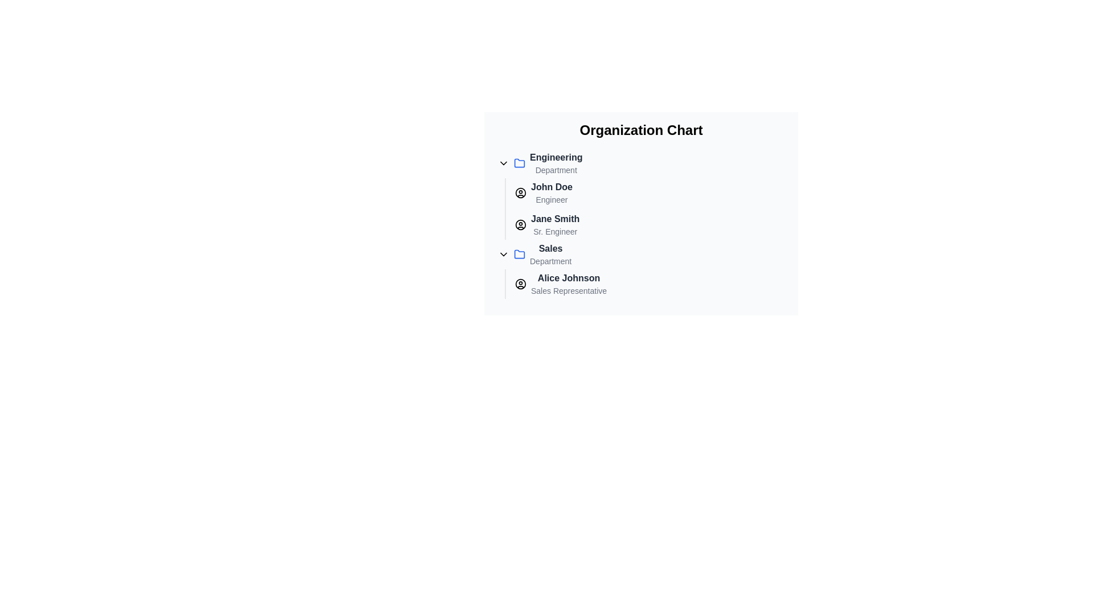 The width and height of the screenshot is (1094, 615). Describe the element at coordinates (555, 224) in the screenshot. I see `displayed personnel information for 'Jane Smith,' who is a 'Sr. Engineer' in the 'Engineering' department, located in the left-middle part of the interface beneath 'John Doe.'` at that location.